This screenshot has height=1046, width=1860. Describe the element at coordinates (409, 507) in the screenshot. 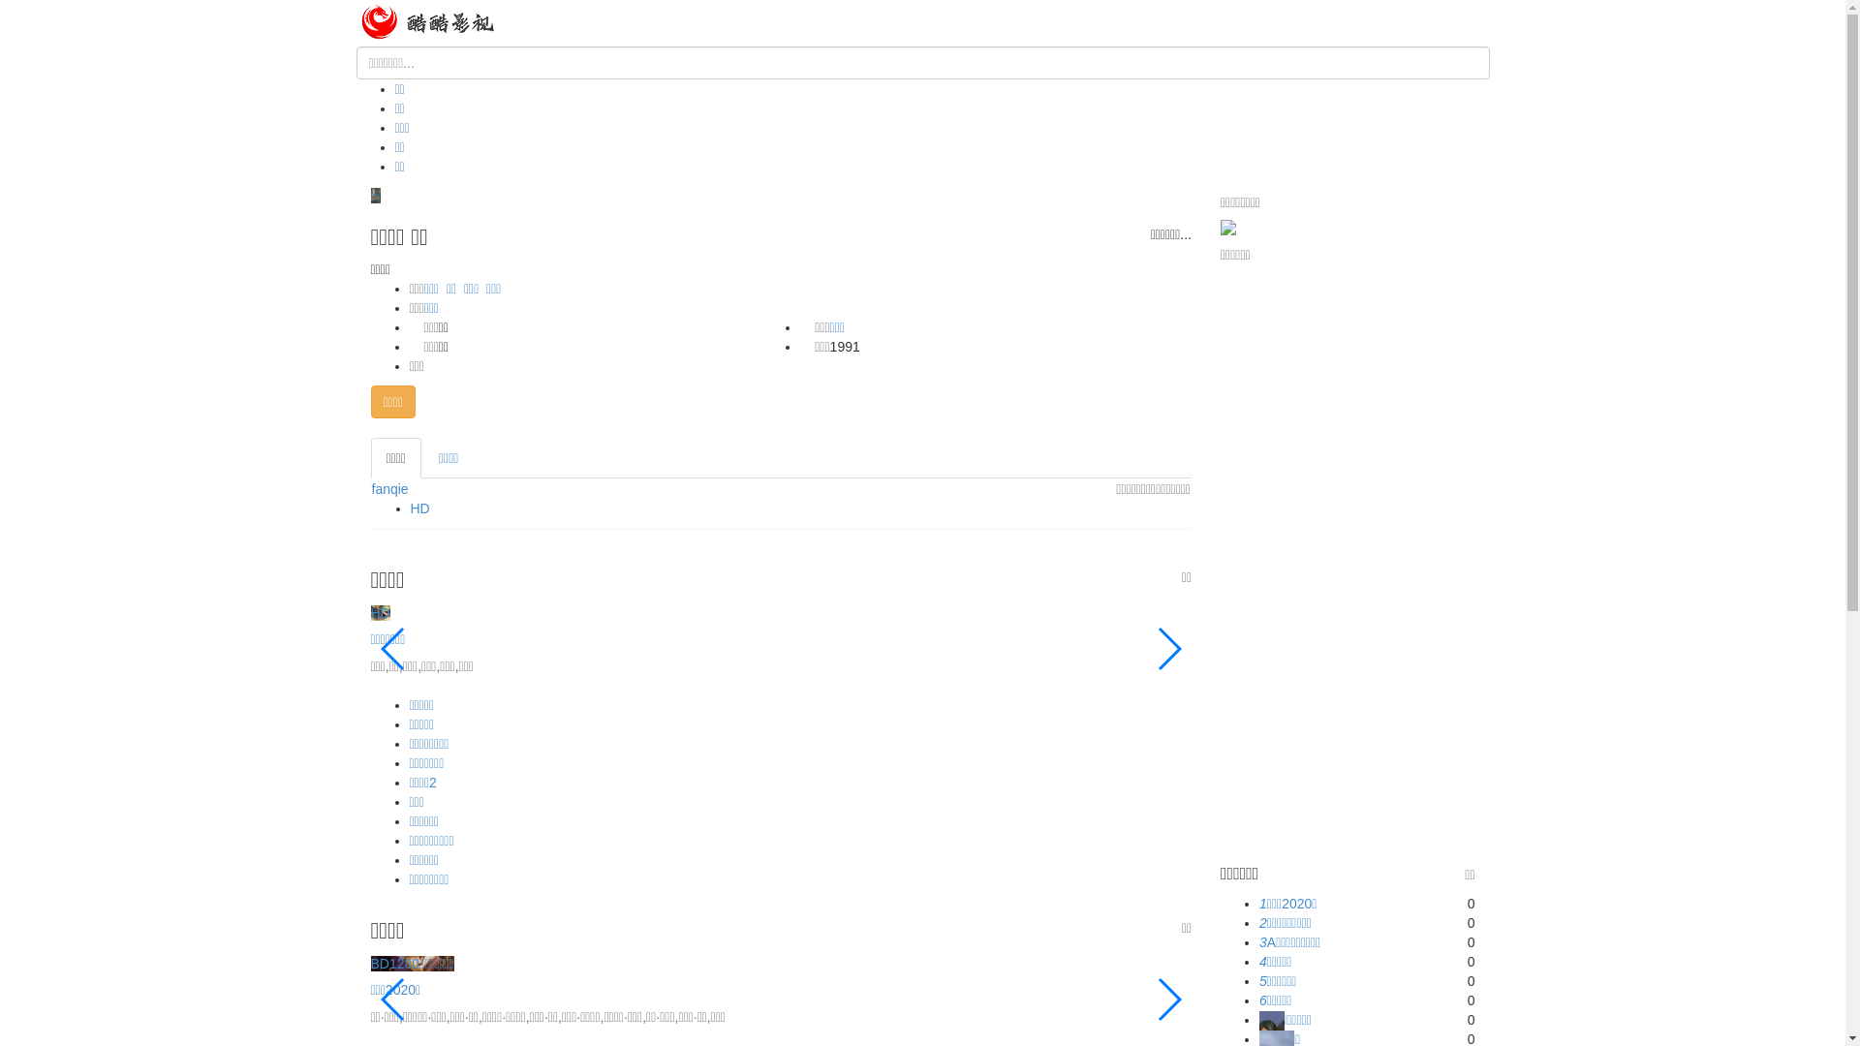

I see `'HD'` at that location.